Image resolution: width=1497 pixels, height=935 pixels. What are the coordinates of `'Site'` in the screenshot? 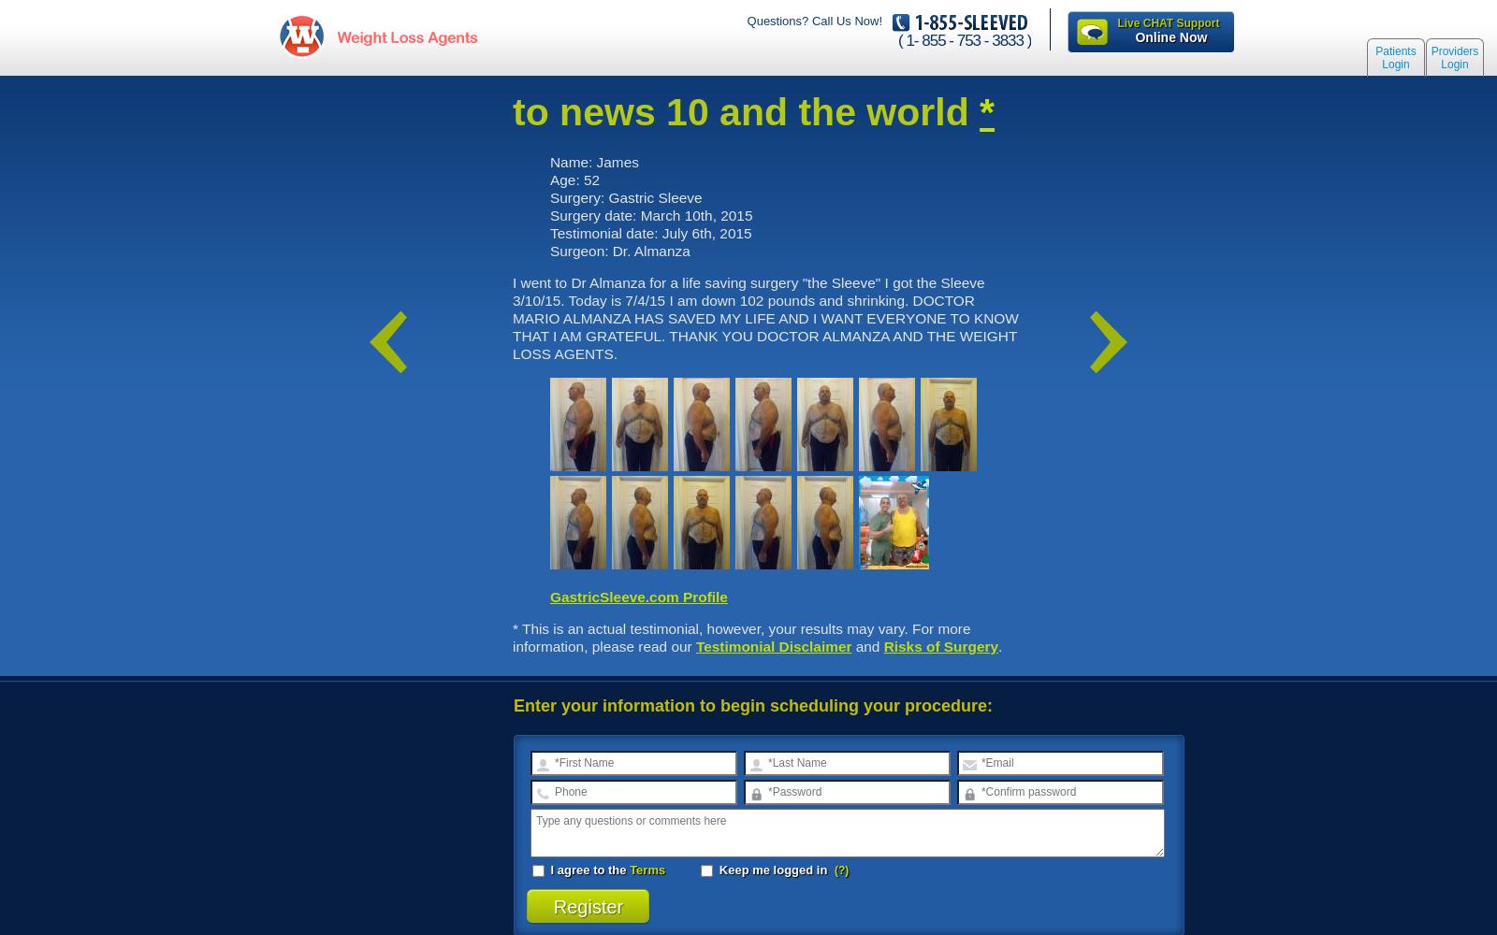 It's located at (511, 449).